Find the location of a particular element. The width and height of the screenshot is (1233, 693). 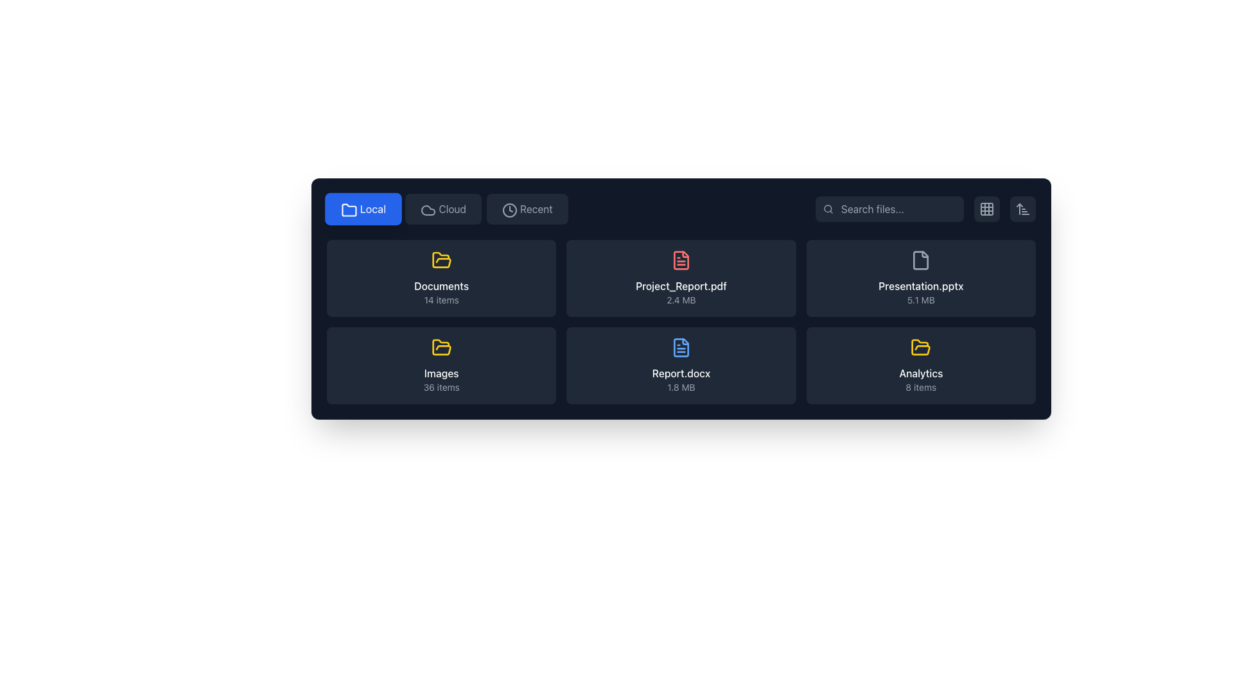

the text label identifying the file name of the presentation located at the top of the rightmost file card in the grid layout is located at coordinates (920, 286).